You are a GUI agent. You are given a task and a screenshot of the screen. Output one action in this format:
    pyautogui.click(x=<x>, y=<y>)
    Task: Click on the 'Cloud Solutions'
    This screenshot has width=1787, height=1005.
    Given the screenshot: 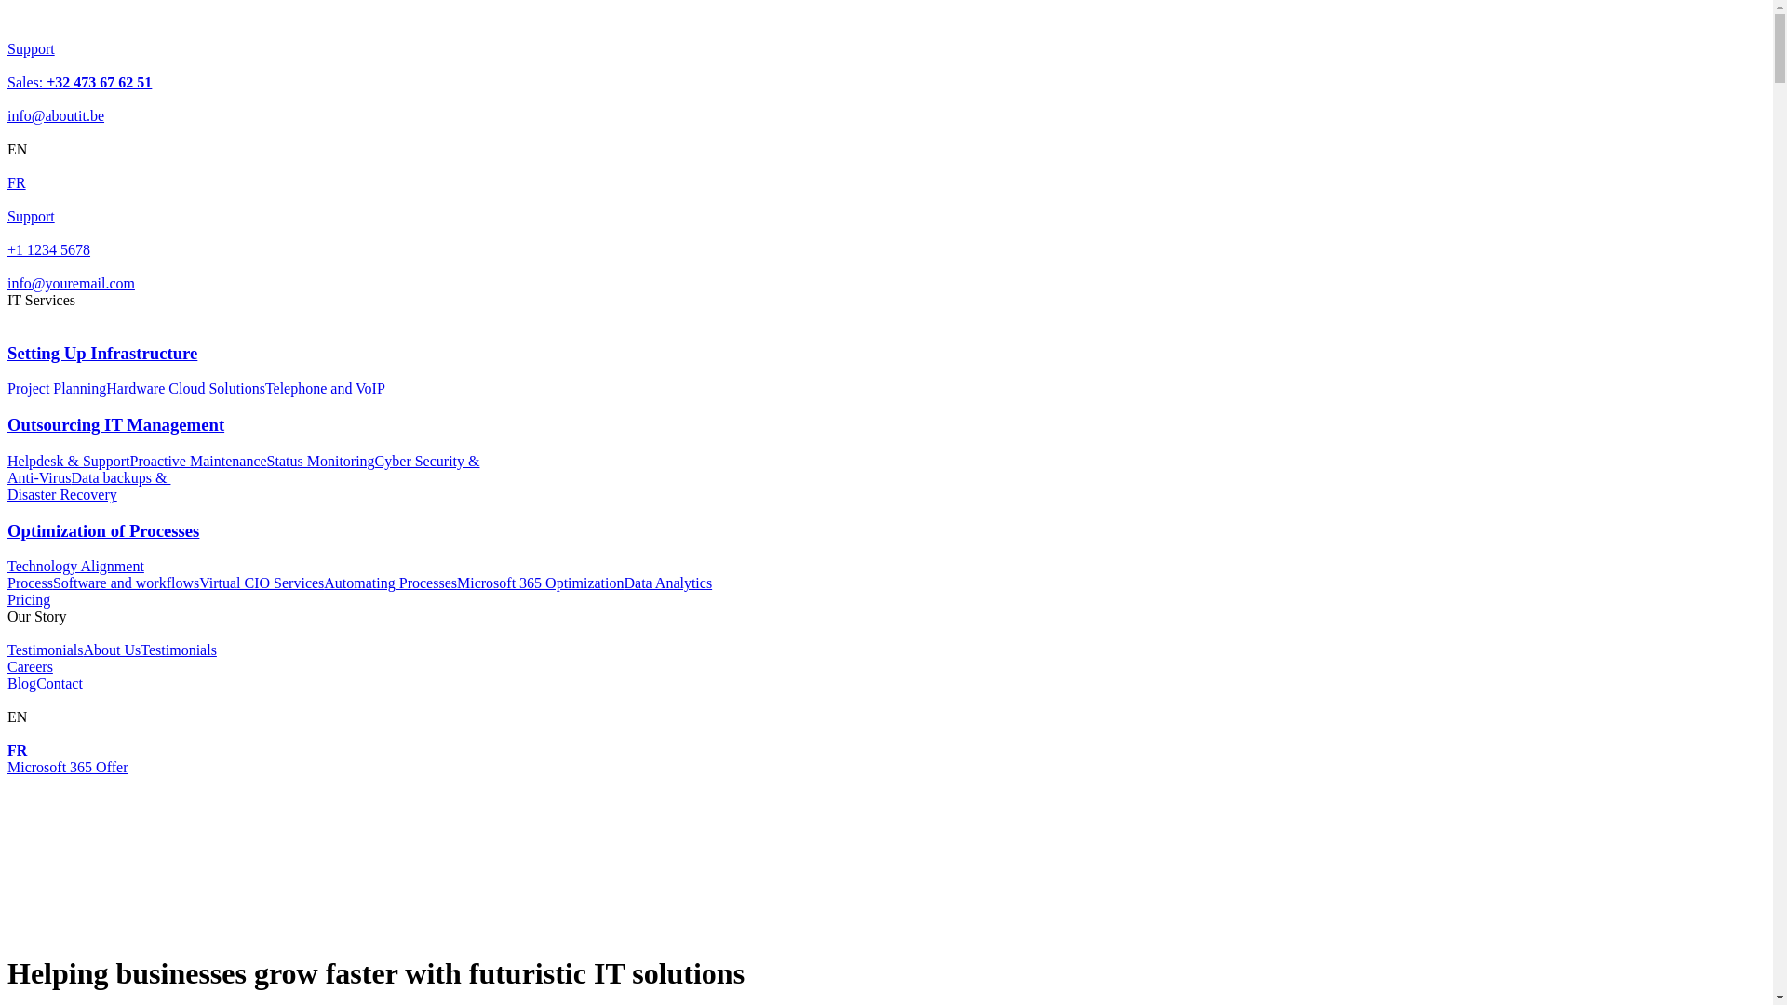 What is the action you would take?
    pyautogui.click(x=217, y=387)
    